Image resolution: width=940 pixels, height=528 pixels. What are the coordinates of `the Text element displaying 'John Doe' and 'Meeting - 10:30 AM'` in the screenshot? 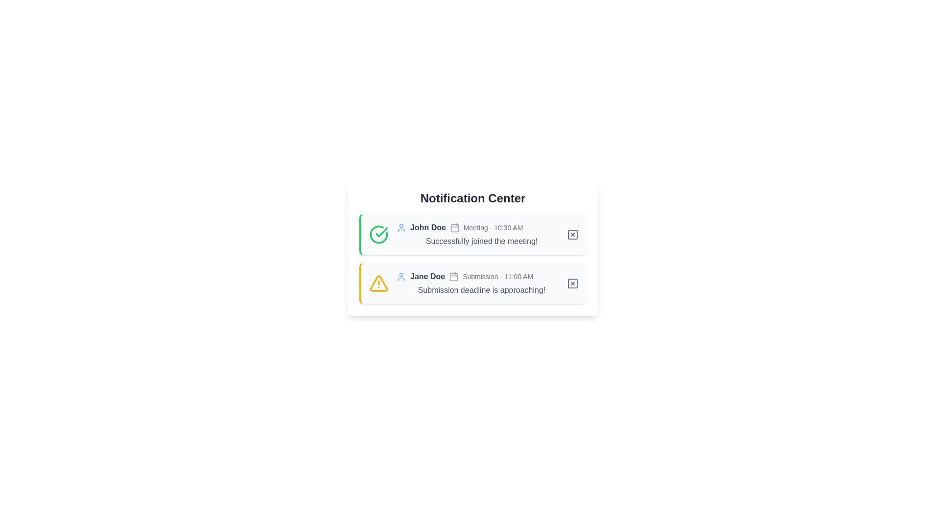 It's located at (481, 228).